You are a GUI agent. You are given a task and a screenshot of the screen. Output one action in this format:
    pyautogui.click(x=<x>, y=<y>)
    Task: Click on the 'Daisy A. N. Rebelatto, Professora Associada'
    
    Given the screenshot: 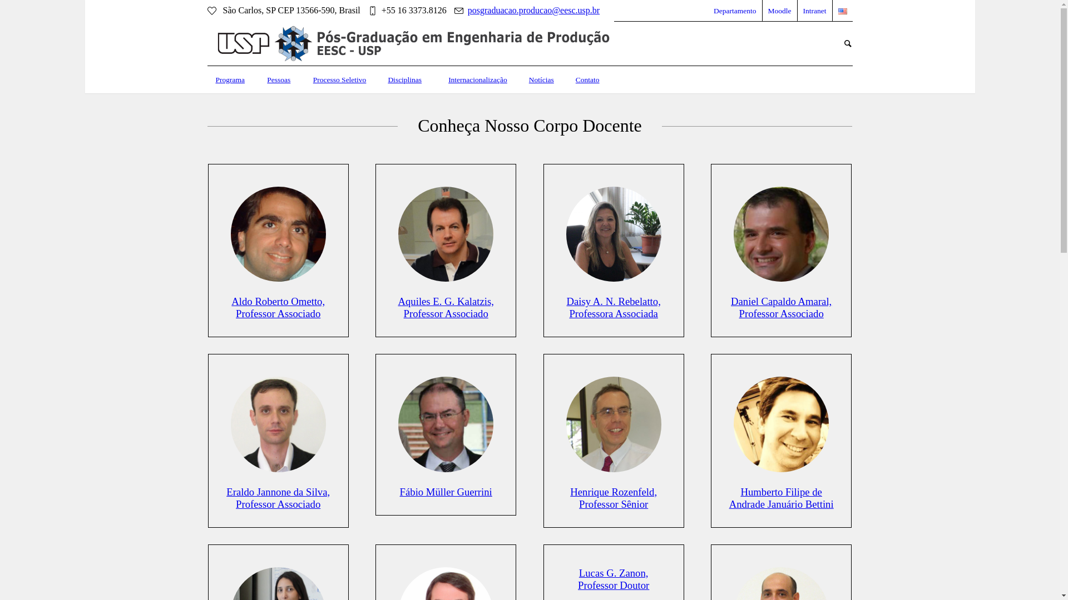 What is the action you would take?
    pyautogui.click(x=613, y=233)
    